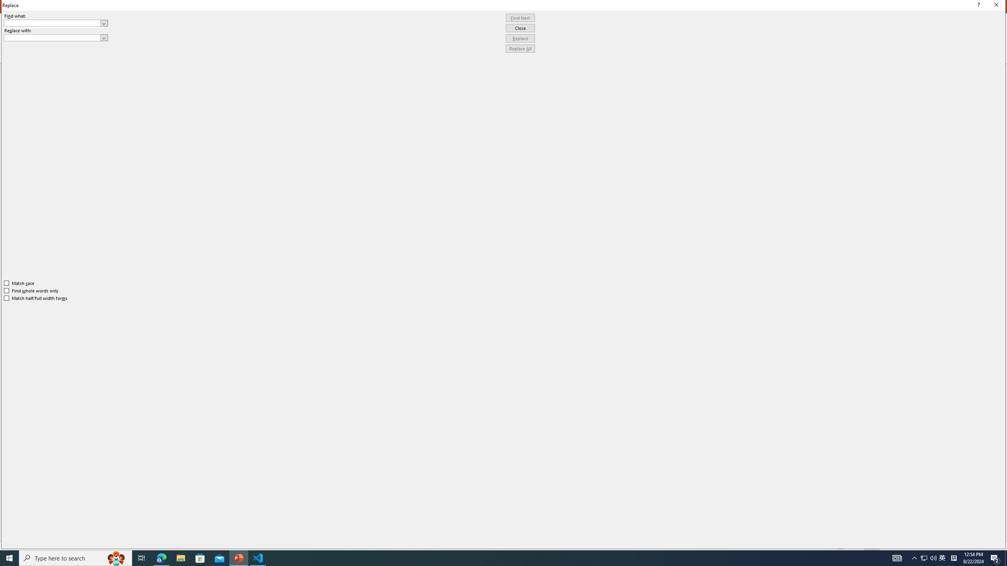 The height and width of the screenshot is (566, 1007). Describe the element at coordinates (19, 283) in the screenshot. I see `'Match case'` at that location.